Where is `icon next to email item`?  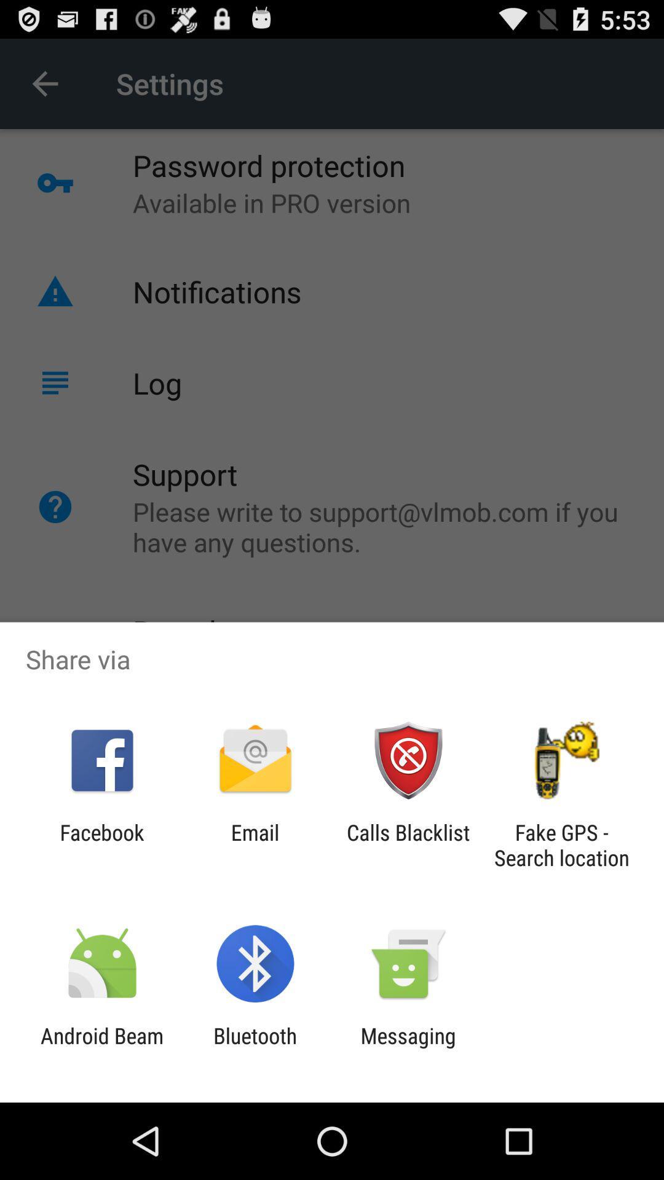 icon next to email item is located at coordinates (101, 844).